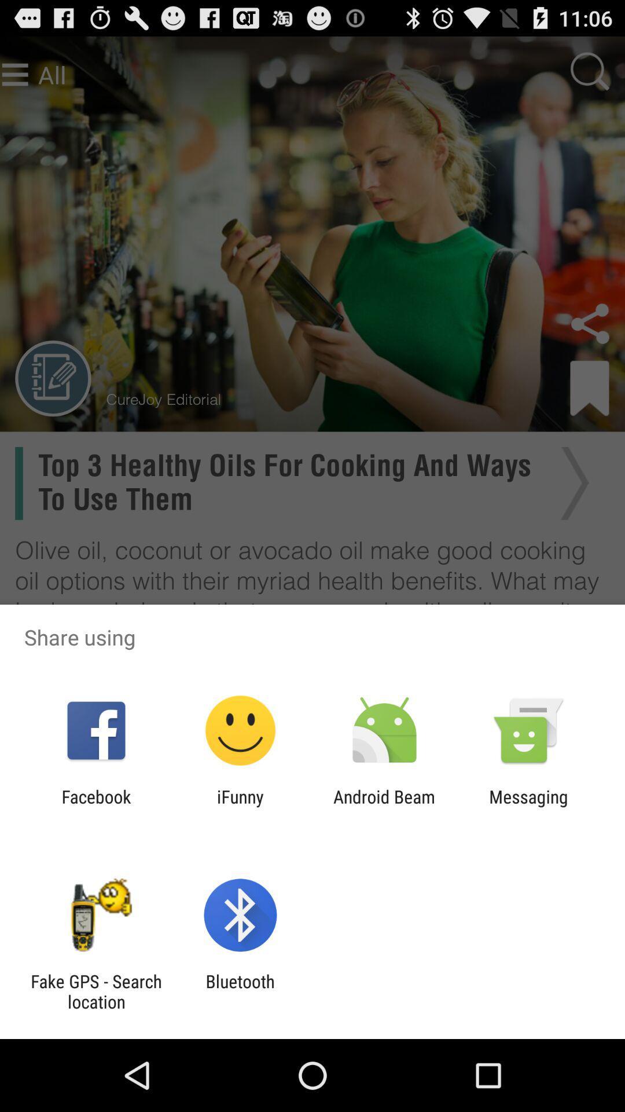 The width and height of the screenshot is (625, 1112). Describe the element at coordinates (95, 991) in the screenshot. I see `icon to the left of the bluetooth item` at that location.